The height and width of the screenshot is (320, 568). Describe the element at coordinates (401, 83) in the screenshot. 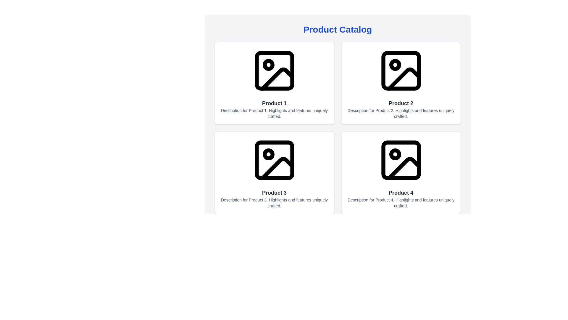

I see `the clickable card presenting information about 'Product 2', located in the second column of the first row of the grid layout` at that location.